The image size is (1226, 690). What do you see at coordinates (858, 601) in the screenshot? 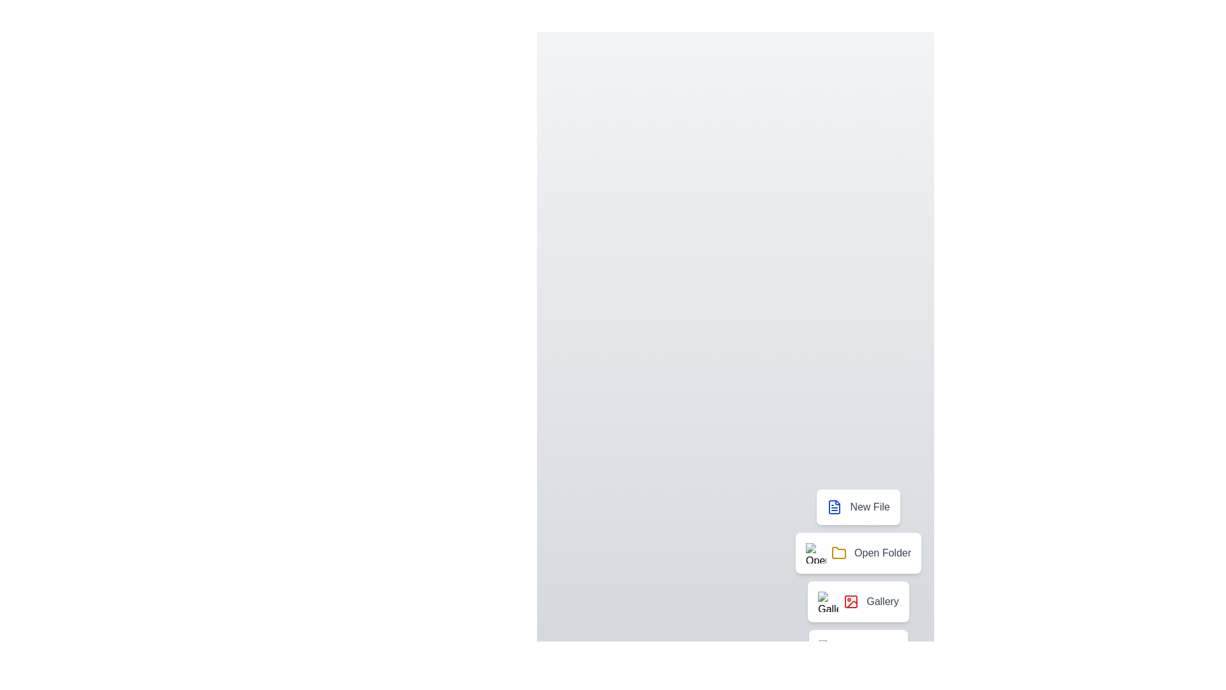
I see `the action item Gallery from the speed dial menu` at bounding box center [858, 601].